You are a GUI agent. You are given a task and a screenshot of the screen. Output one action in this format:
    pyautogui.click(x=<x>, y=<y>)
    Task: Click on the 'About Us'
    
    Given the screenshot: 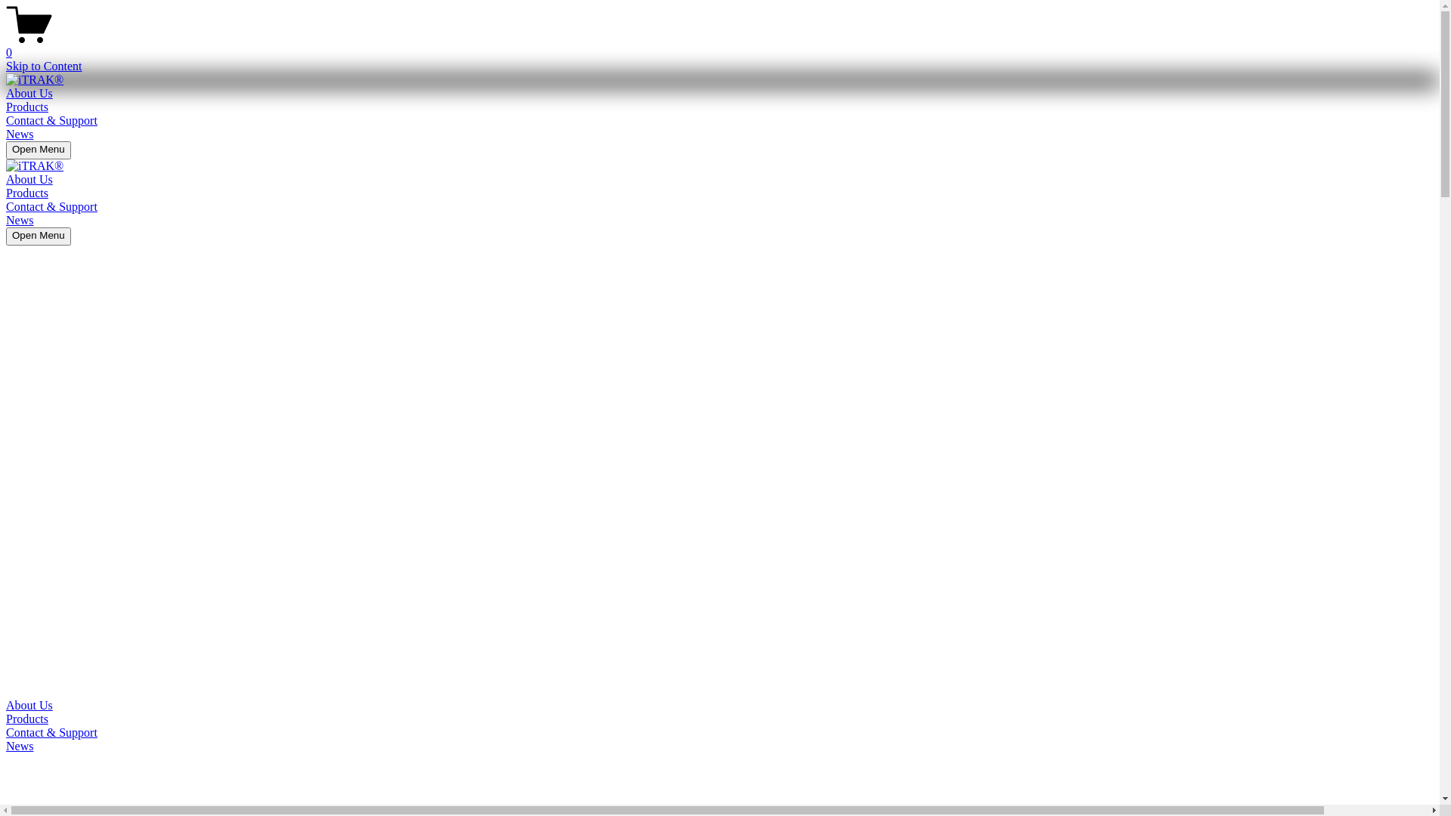 What is the action you would take?
    pyautogui.click(x=29, y=178)
    